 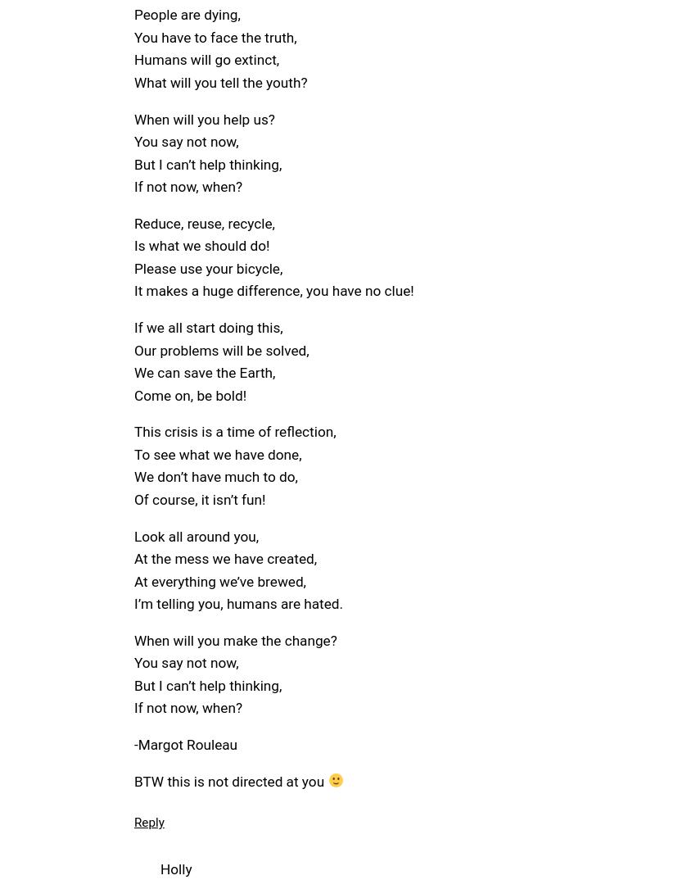 What do you see at coordinates (197, 534) in the screenshot?
I see `'Look all around you,'` at bounding box center [197, 534].